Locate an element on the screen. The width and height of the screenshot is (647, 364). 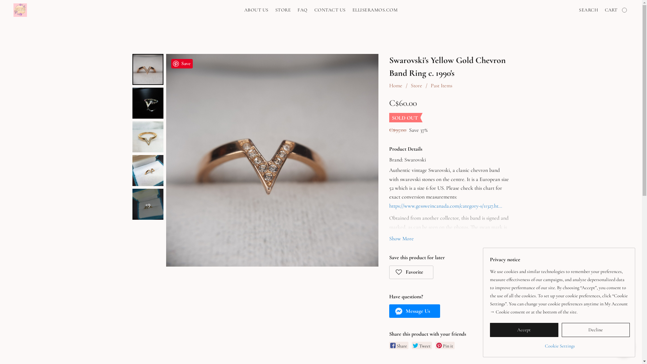
'Message Us' is located at coordinates (414, 311).